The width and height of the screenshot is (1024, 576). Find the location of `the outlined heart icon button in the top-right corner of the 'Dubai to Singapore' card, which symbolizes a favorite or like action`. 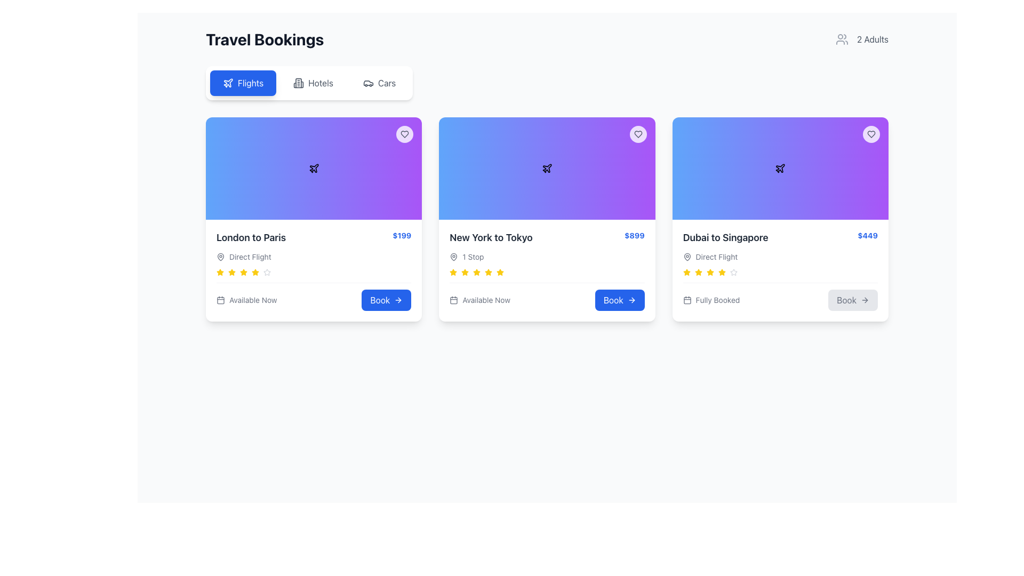

the outlined heart icon button in the top-right corner of the 'Dubai to Singapore' card, which symbolizes a favorite or like action is located at coordinates (871, 133).